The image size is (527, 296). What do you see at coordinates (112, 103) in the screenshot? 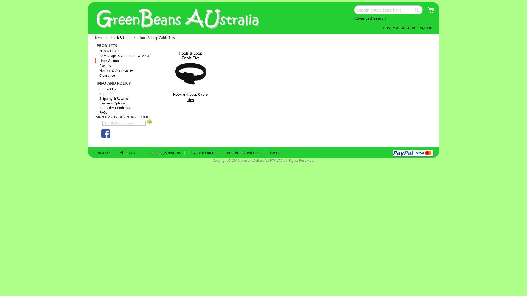
I see `'Payment Options'` at bounding box center [112, 103].